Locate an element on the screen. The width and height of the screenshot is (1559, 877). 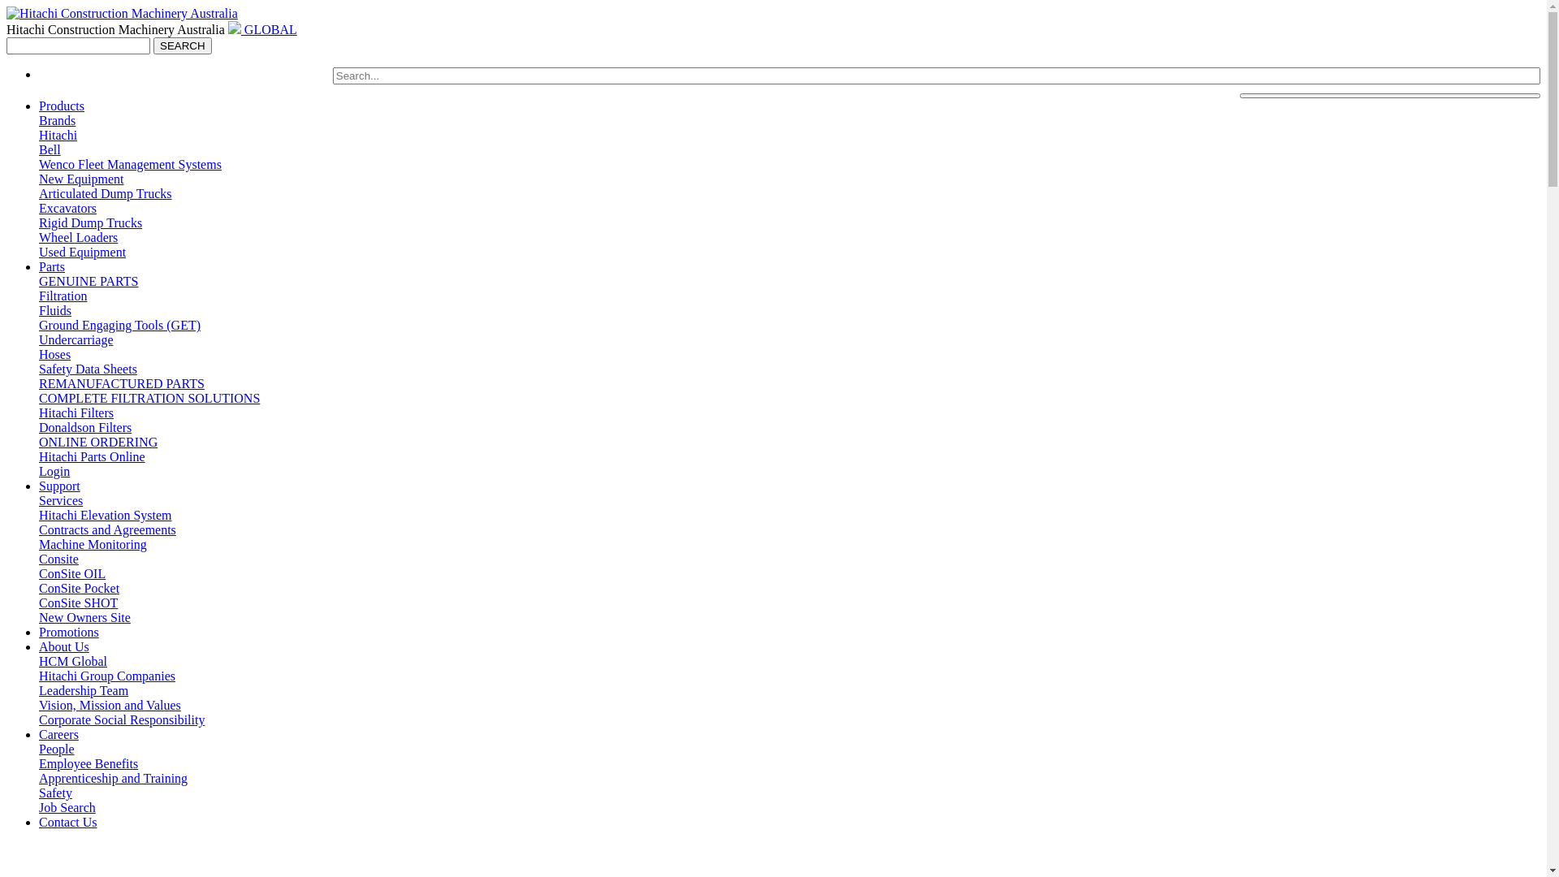
'Hitachi Group Companies' is located at coordinates (106, 676).